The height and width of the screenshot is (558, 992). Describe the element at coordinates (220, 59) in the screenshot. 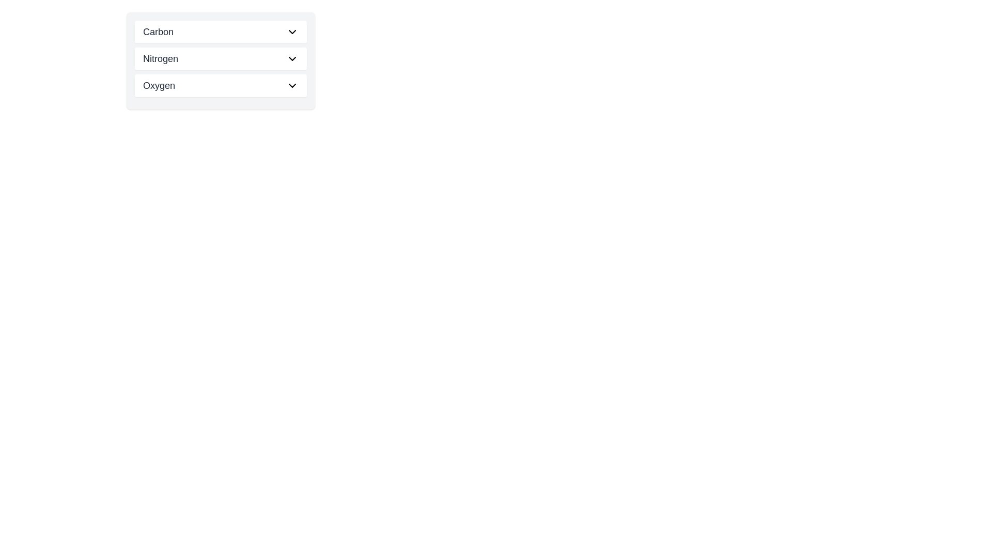

I see `the second item in the dropdown list, which is 'Nitrogen'` at that location.